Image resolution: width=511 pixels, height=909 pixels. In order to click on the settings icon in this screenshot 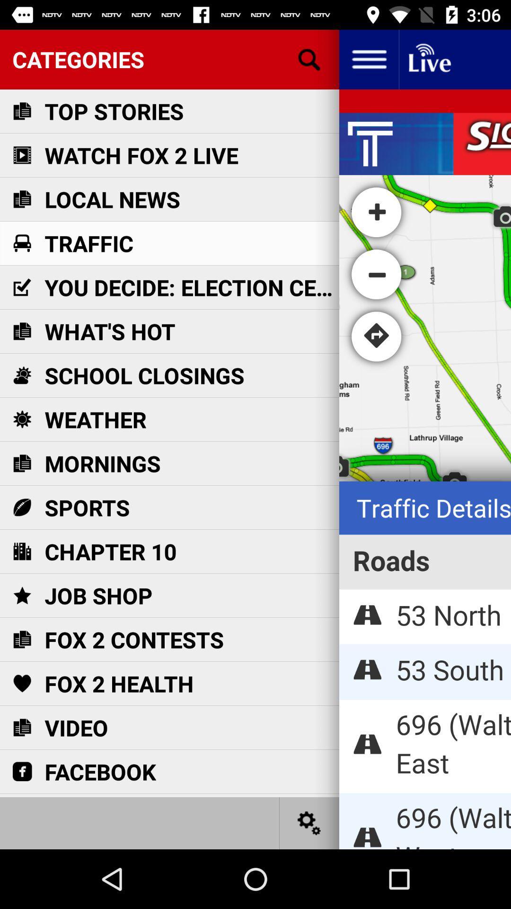, I will do `click(309, 822)`.